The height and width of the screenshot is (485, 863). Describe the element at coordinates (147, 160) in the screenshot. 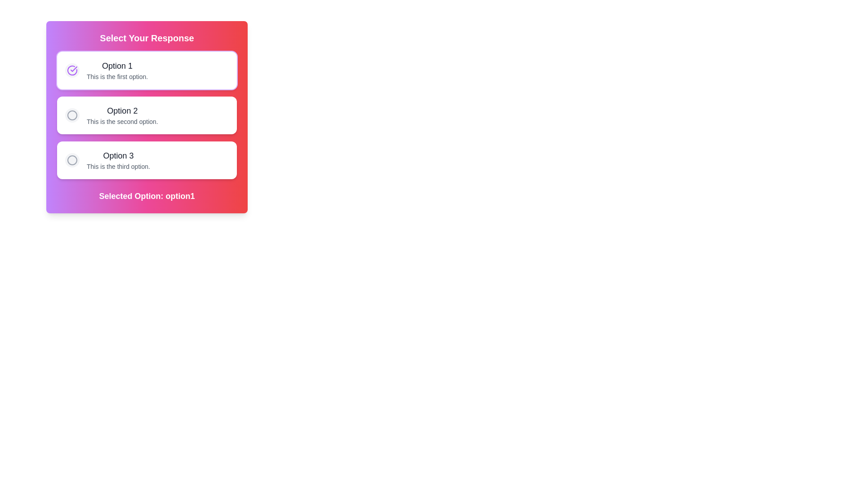

I see `the third selectable card option in the list` at that location.